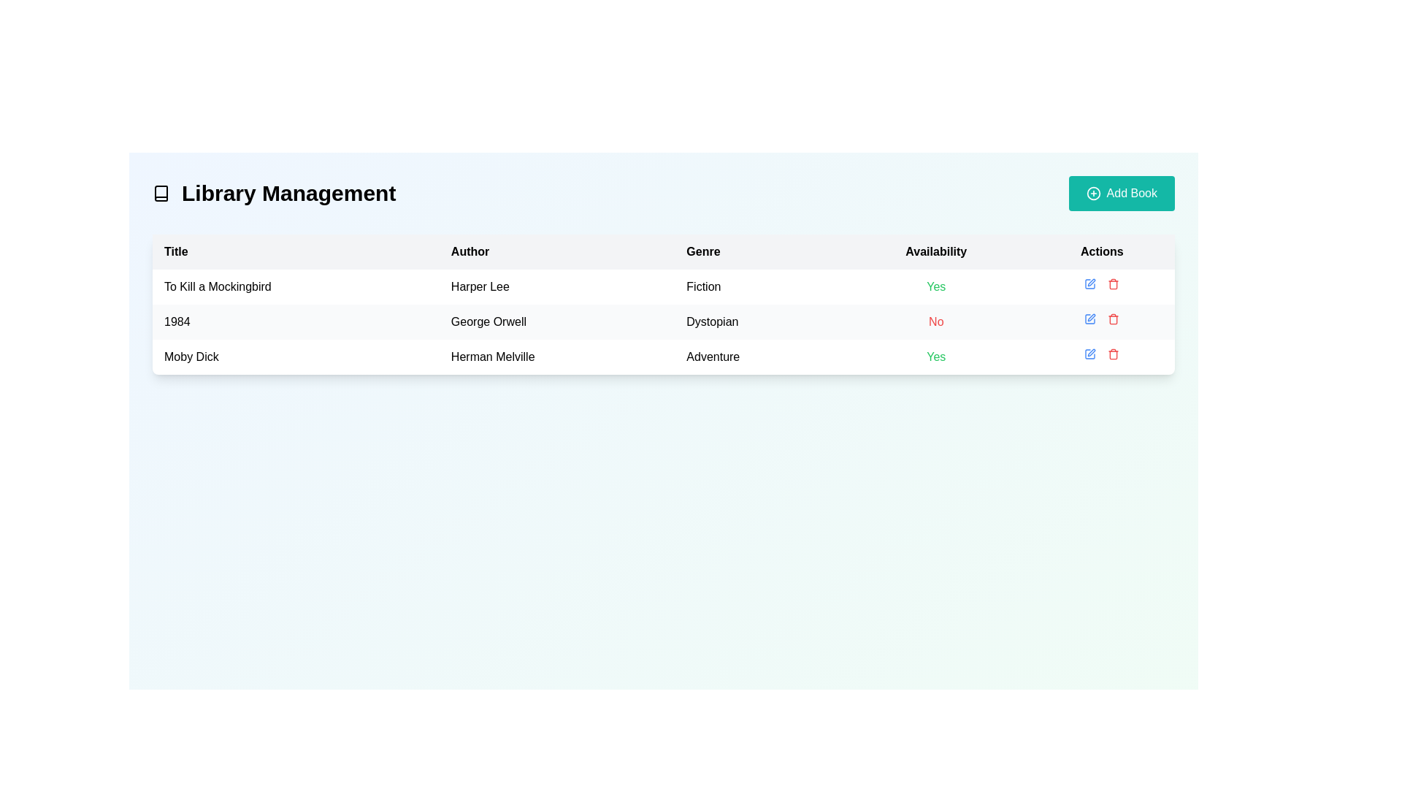  What do you see at coordinates (1090, 318) in the screenshot?
I see `the graphical feature in the 'Actions' column of the second row, representing the book titled '1984'` at bounding box center [1090, 318].